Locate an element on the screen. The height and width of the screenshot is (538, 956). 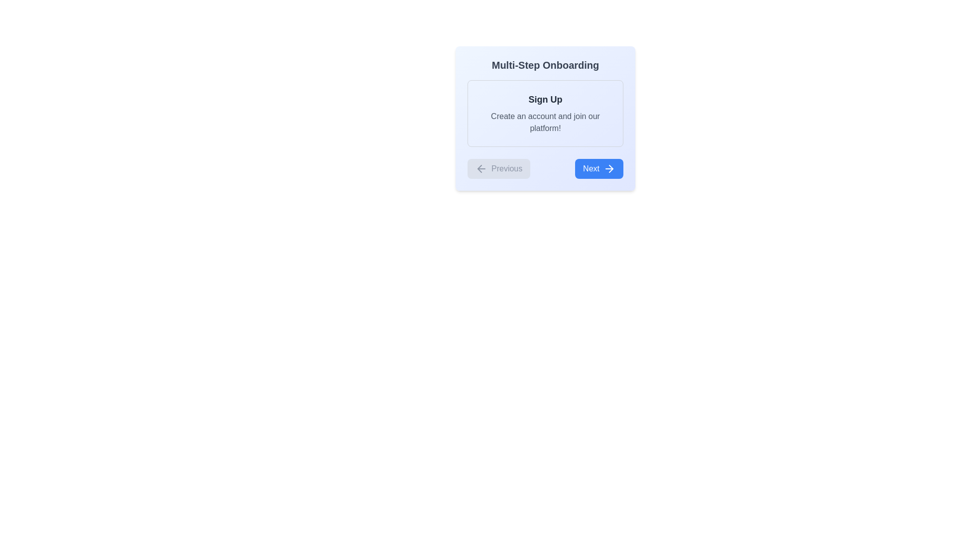
the leftward-facing arrow icon within the 'Previous' button is located at coordinates (481, 168).